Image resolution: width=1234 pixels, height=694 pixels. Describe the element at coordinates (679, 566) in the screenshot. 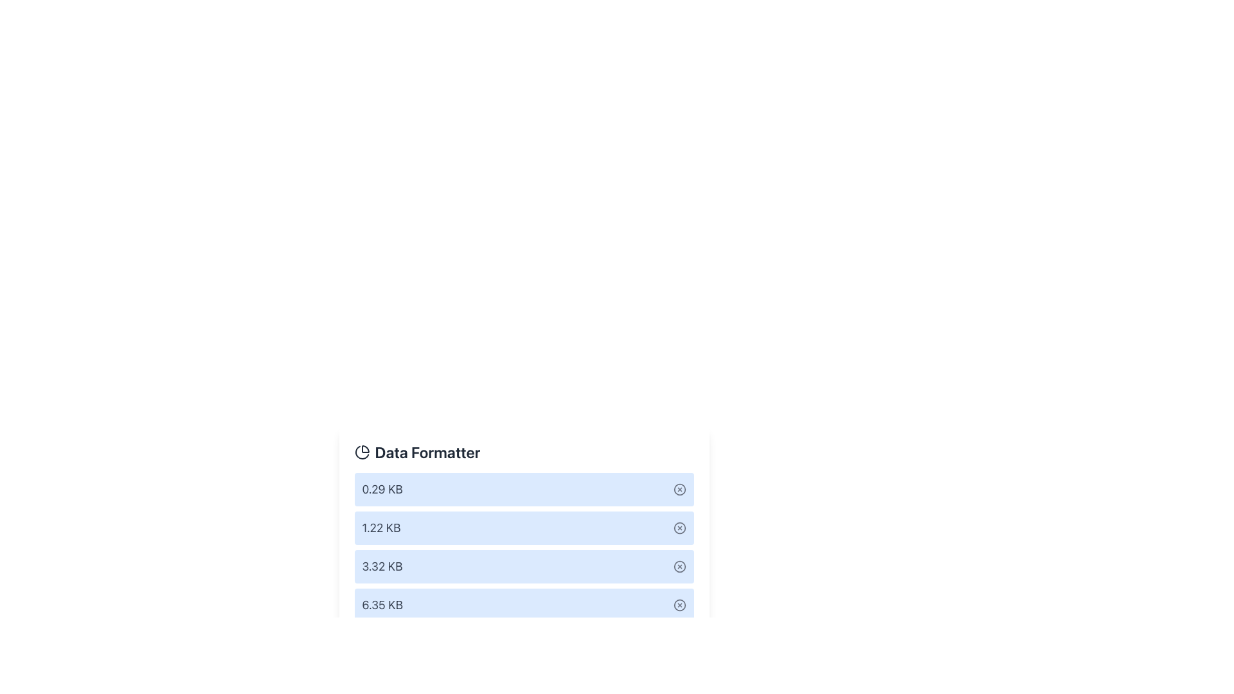

I see `the surrounding icon represented by the Circle (SVG Element) positioned towards the middle-right of the interface for interaction` at that location.